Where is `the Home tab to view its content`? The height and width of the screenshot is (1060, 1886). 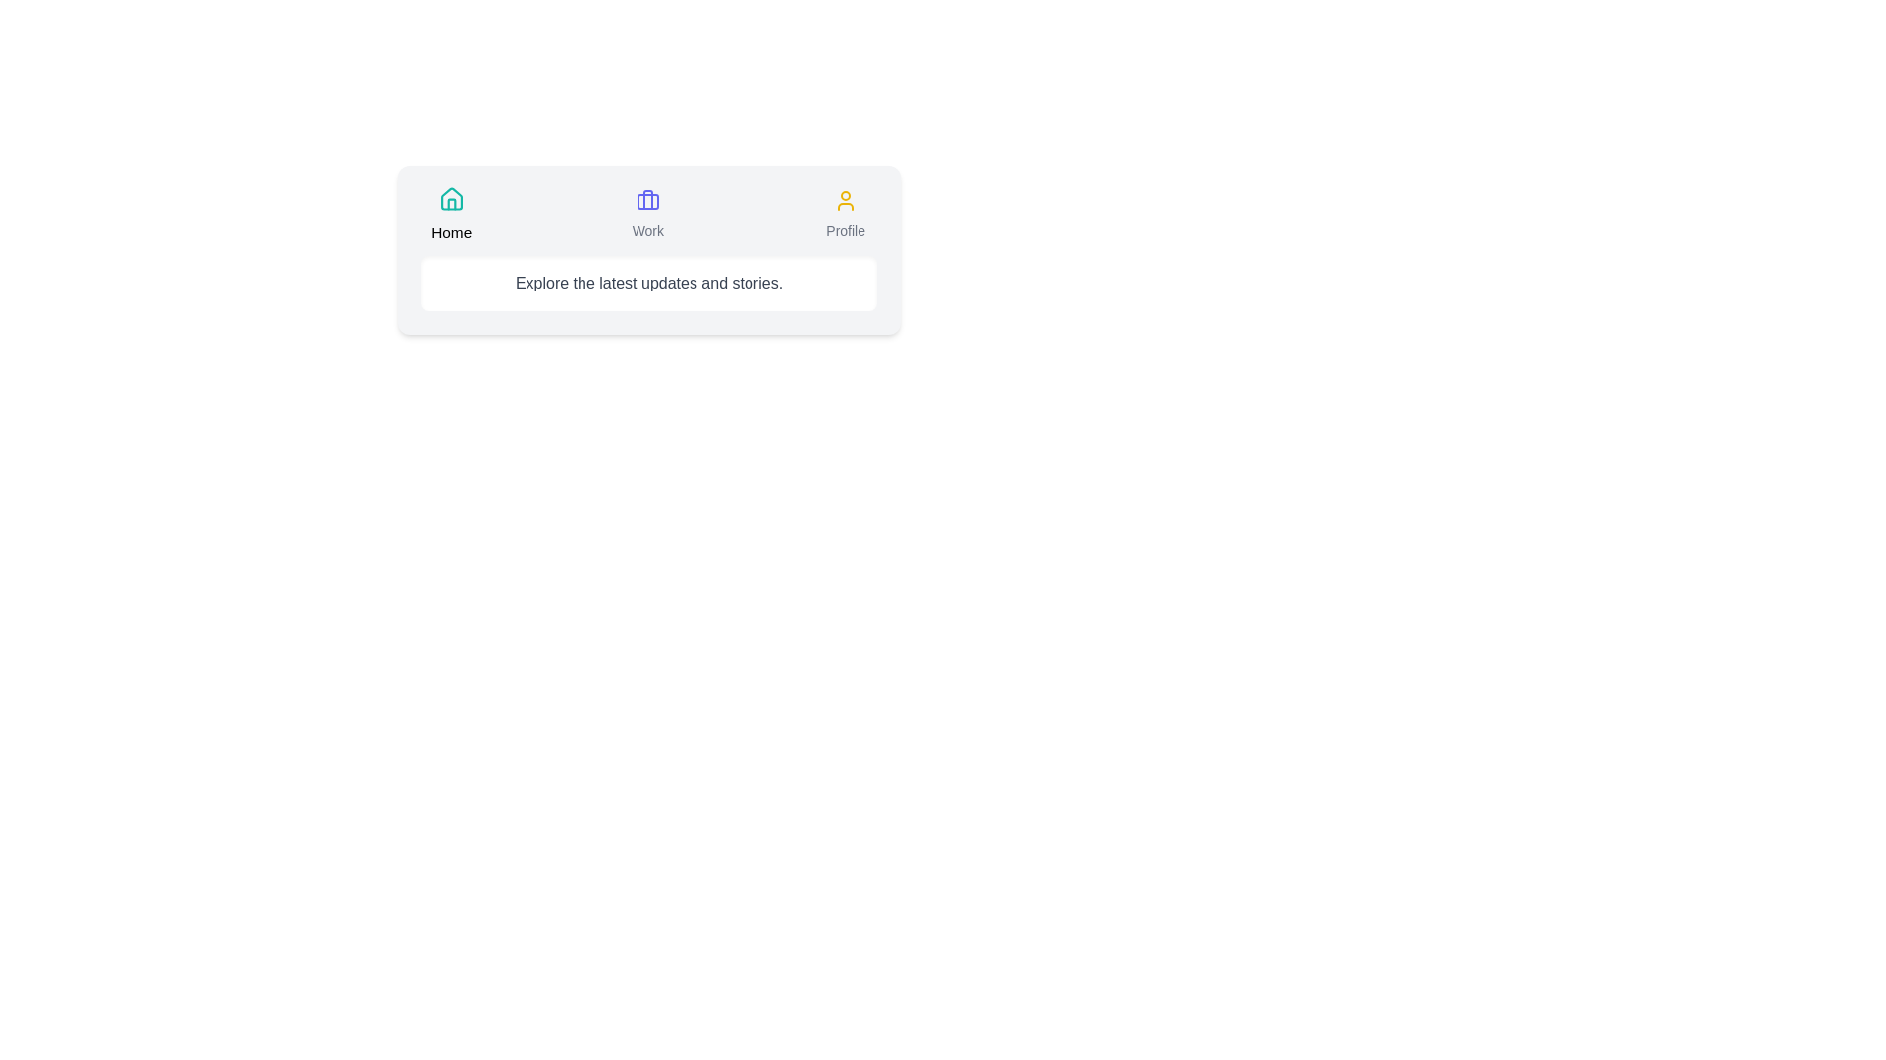
the Home tab to view its content is located at coordinates (450, 215).